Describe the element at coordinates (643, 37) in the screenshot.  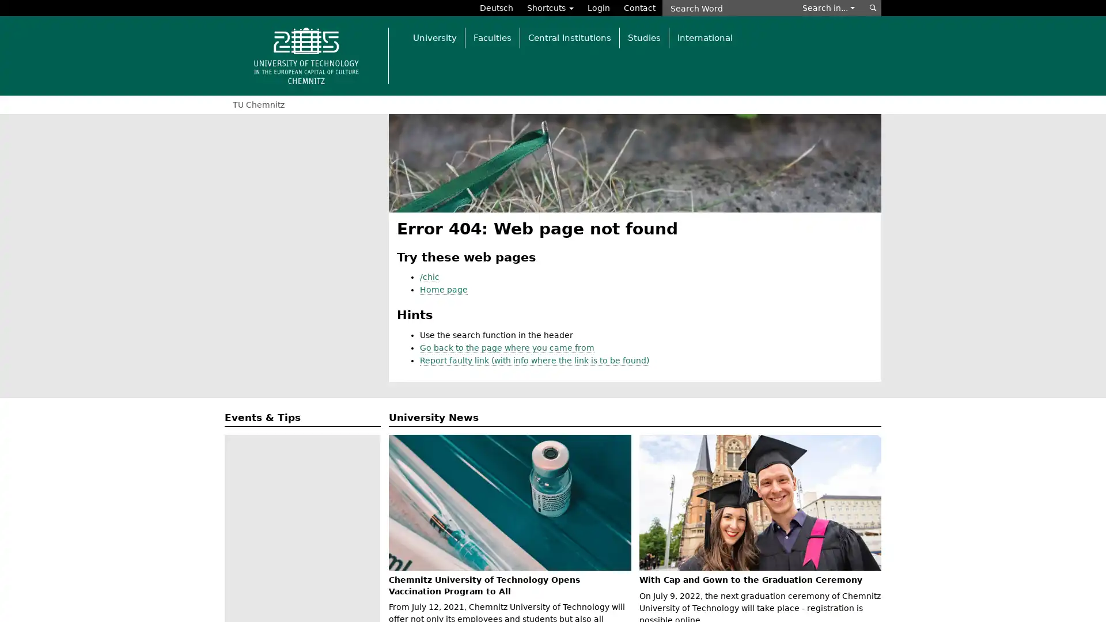
I see `Studies` at that location.